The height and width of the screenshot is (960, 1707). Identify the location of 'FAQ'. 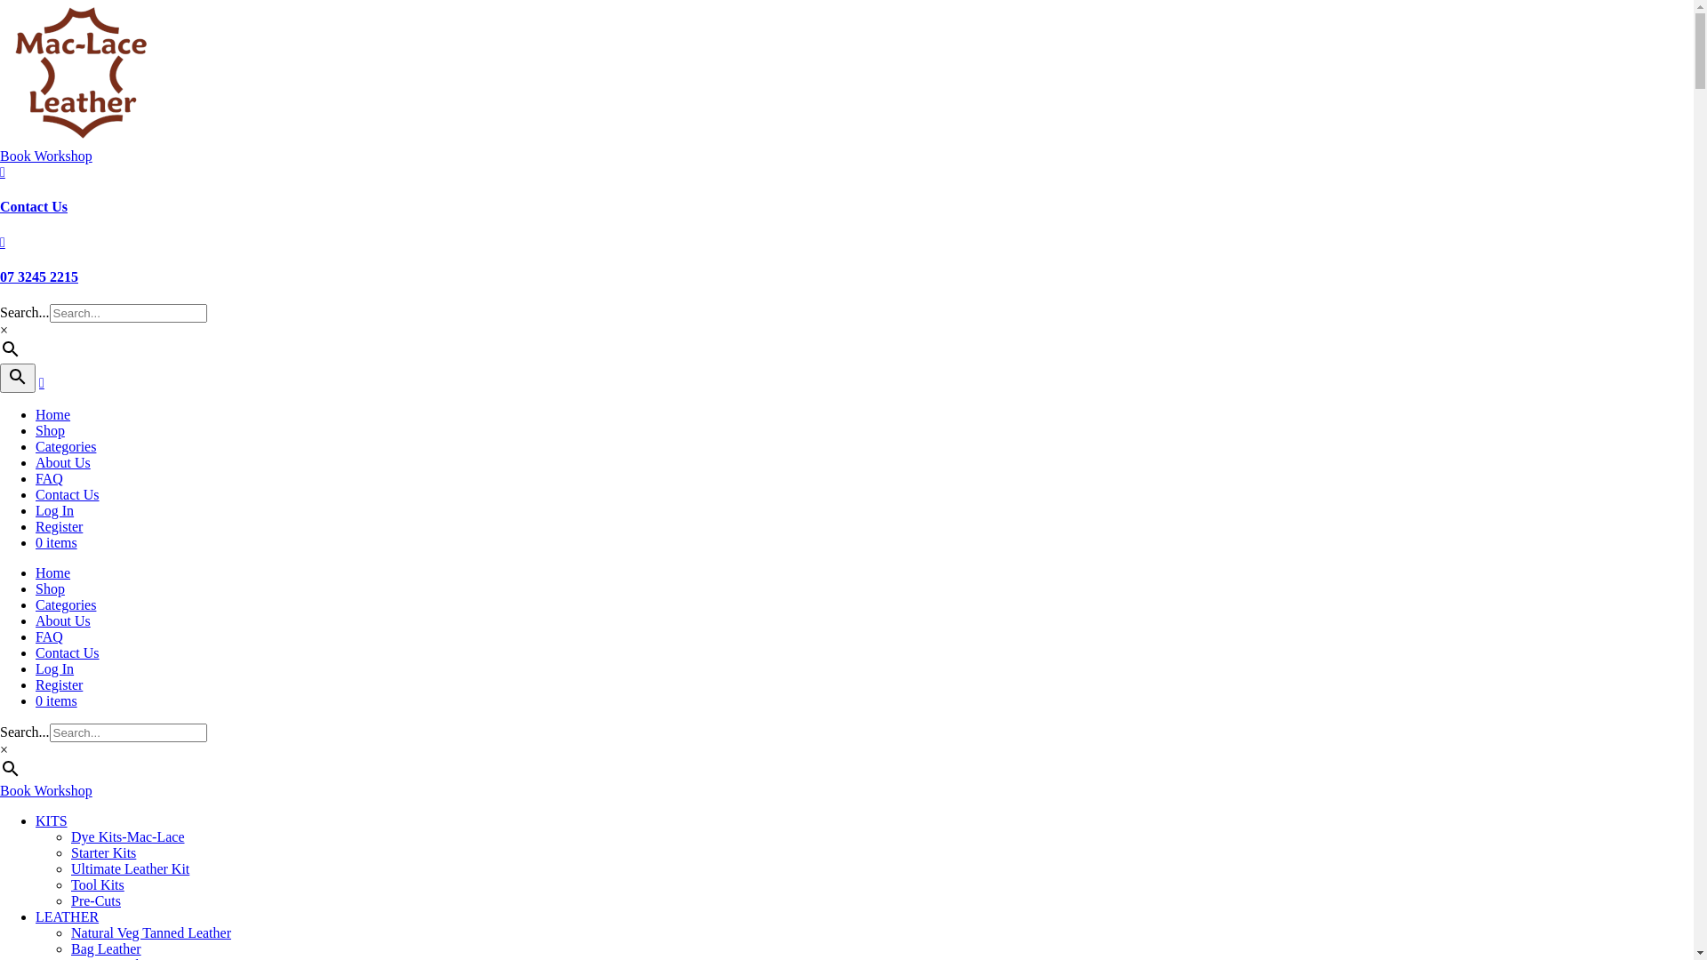
(49, 636).